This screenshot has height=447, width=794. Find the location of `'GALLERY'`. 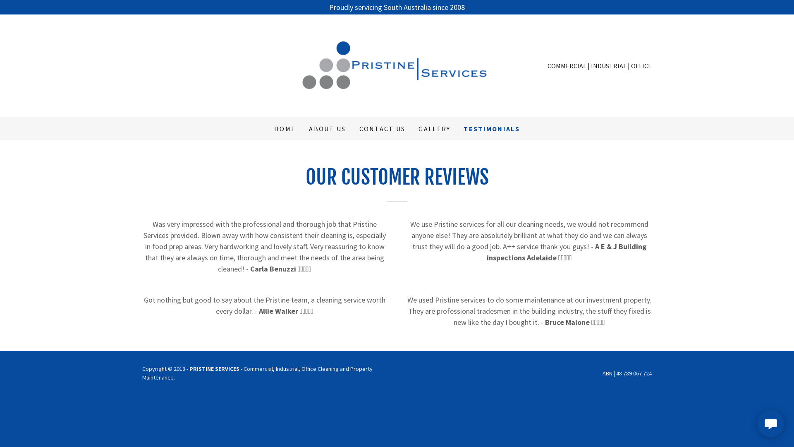

'GALLERY' is located at coordinates (434, 129).